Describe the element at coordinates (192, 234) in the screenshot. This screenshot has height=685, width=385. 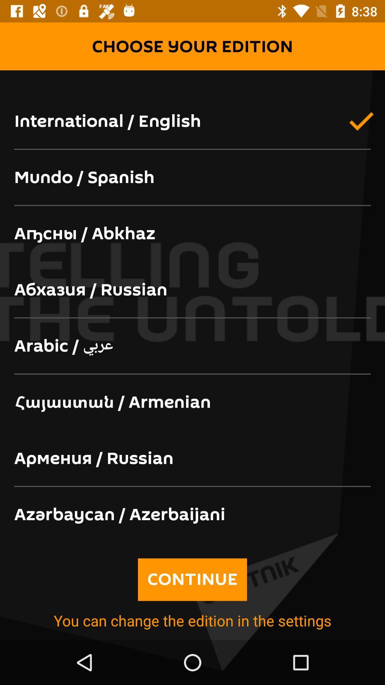
I see `app below mundo / spanish item` at that location.